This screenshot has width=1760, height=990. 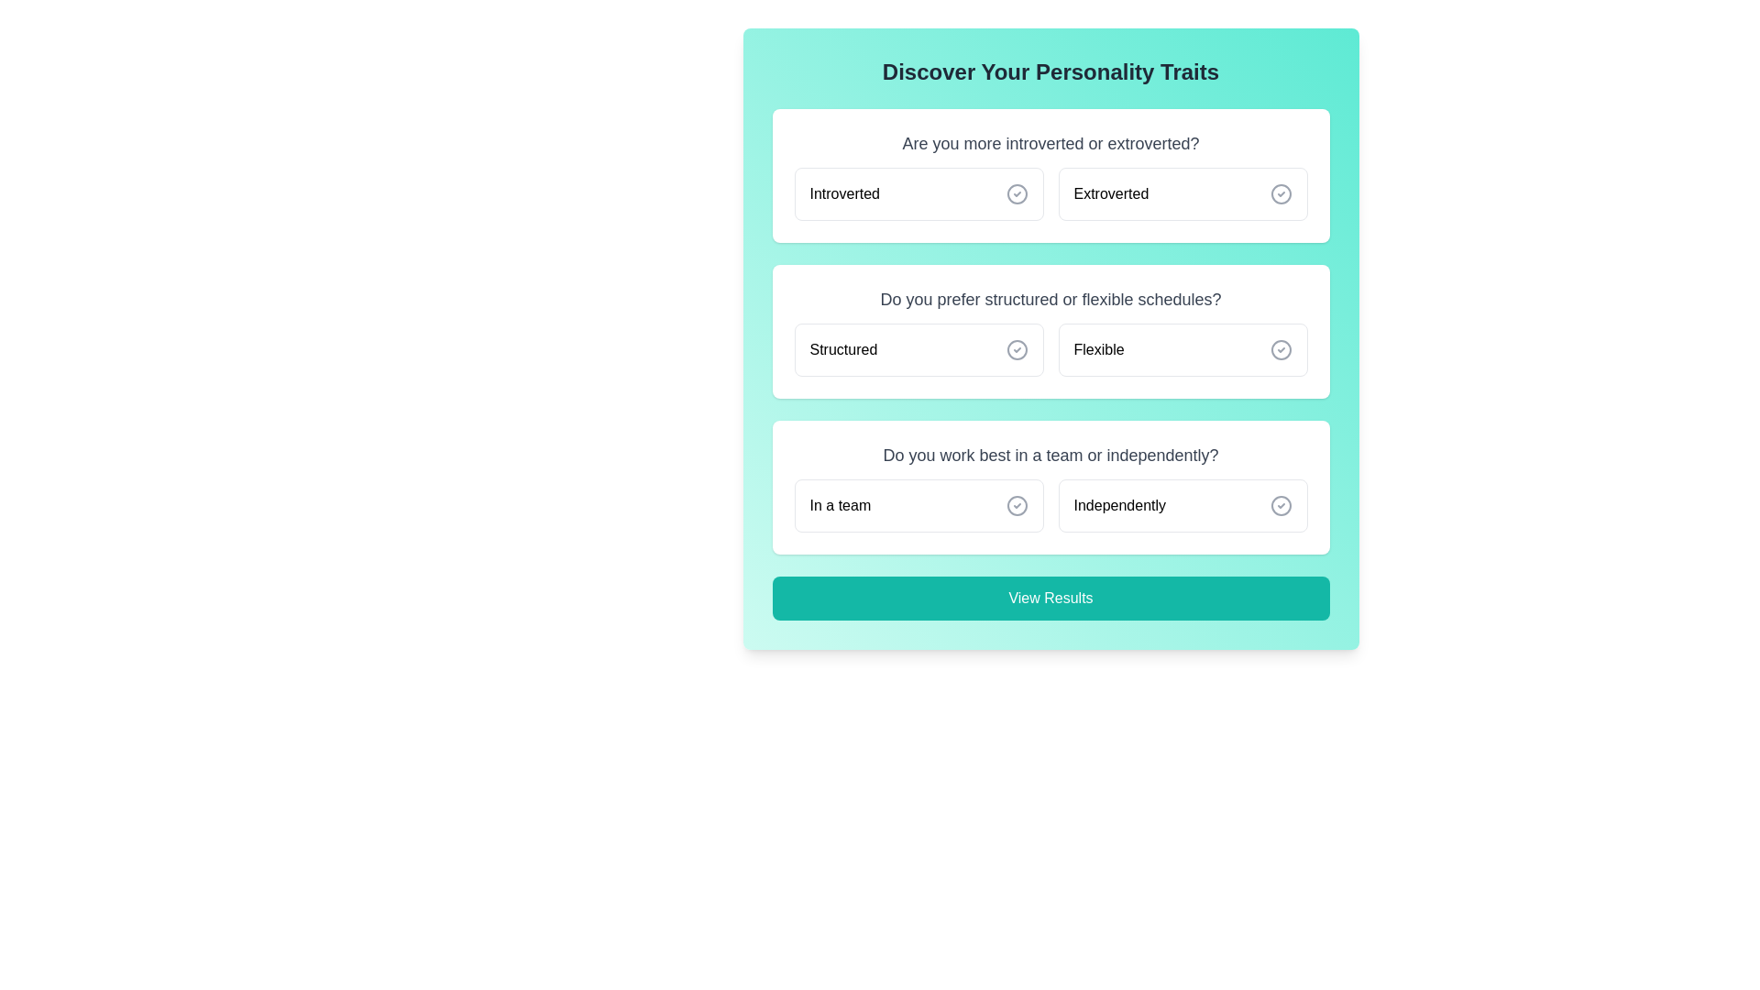 I want to click on the 'Flexible' label for the interactive selection option located in the second set of options under 'Discover Your Personality Traits', positioned to the right of 'Structured', so click(x=1099, y=349).